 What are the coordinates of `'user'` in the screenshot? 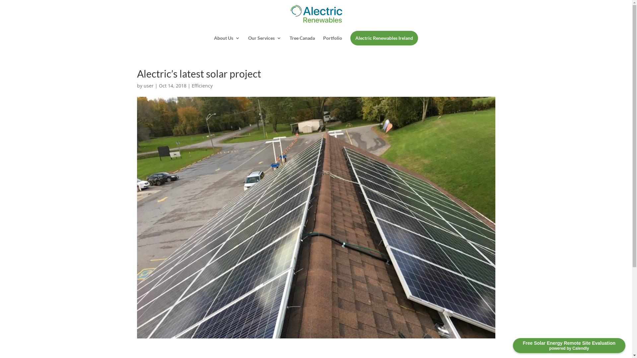 It's located at (148, 85).